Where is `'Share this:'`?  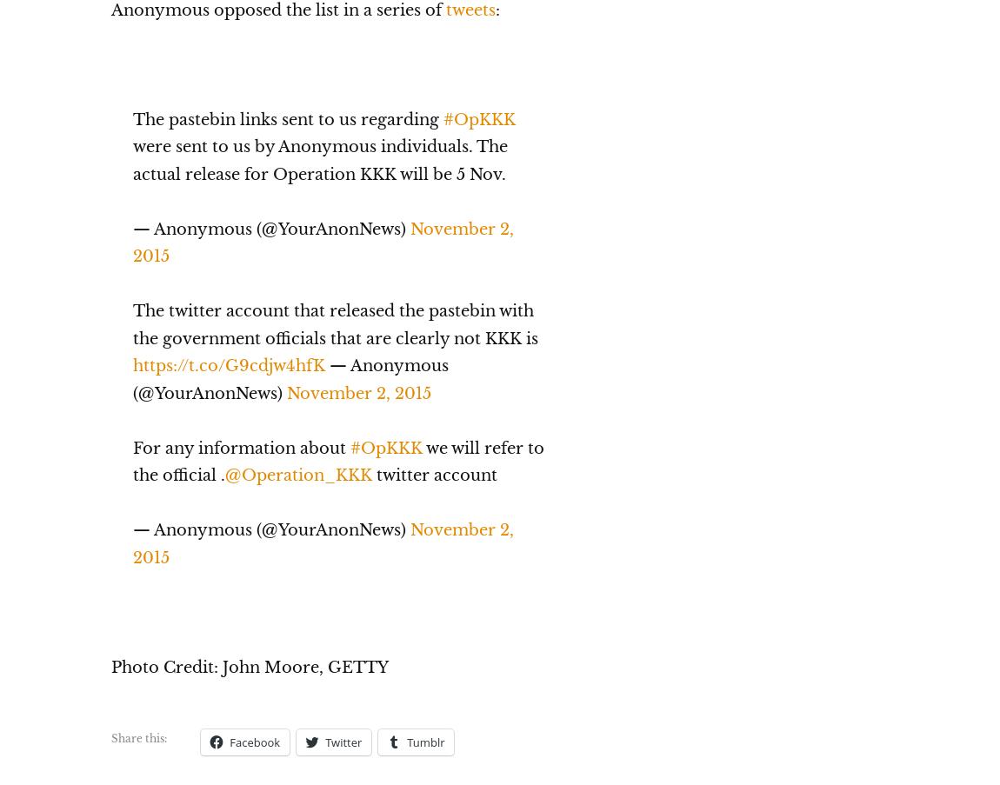 'Share this:' is located at coordinates (109, 737).